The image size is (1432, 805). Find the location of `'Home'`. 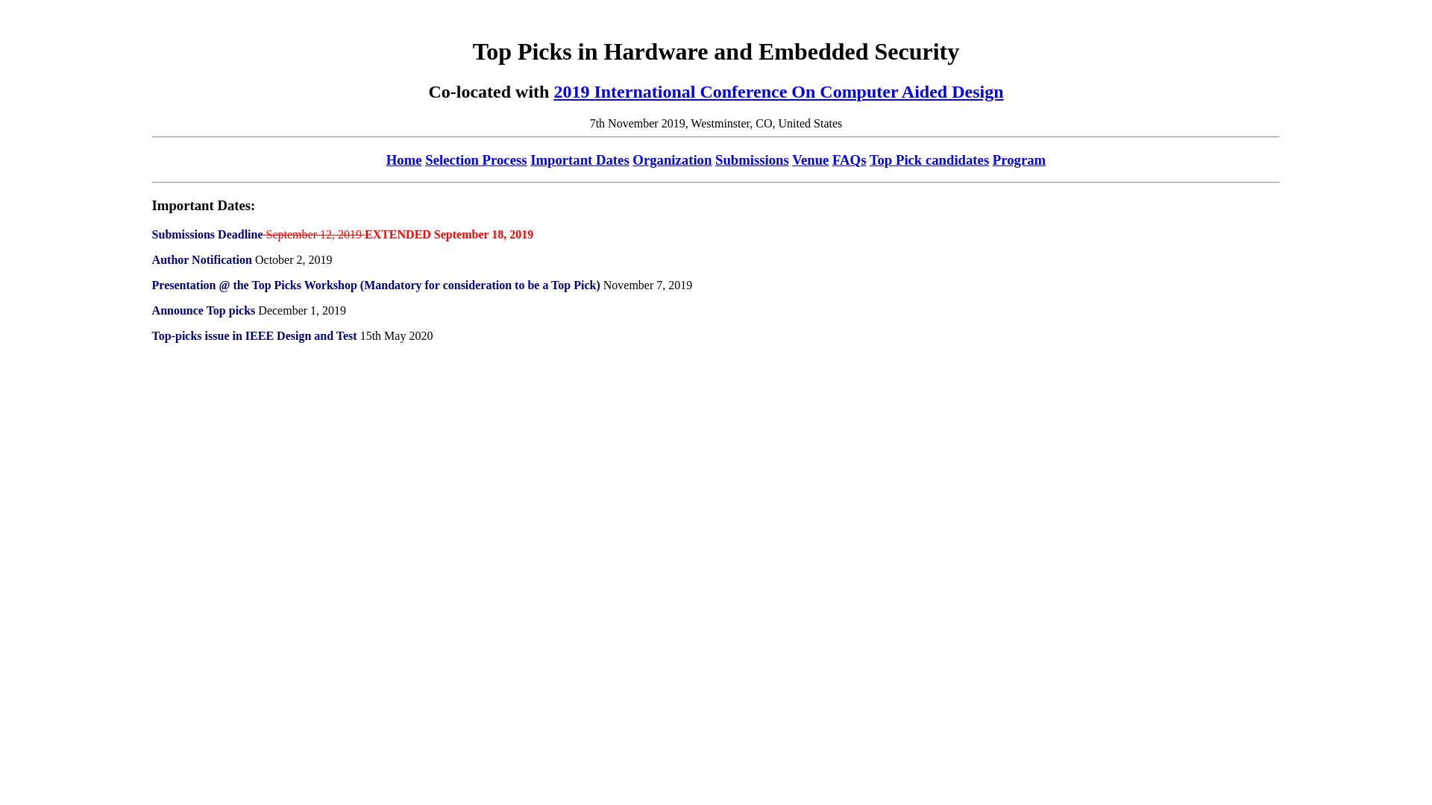

'Home' is located at coordinates (386, 160).